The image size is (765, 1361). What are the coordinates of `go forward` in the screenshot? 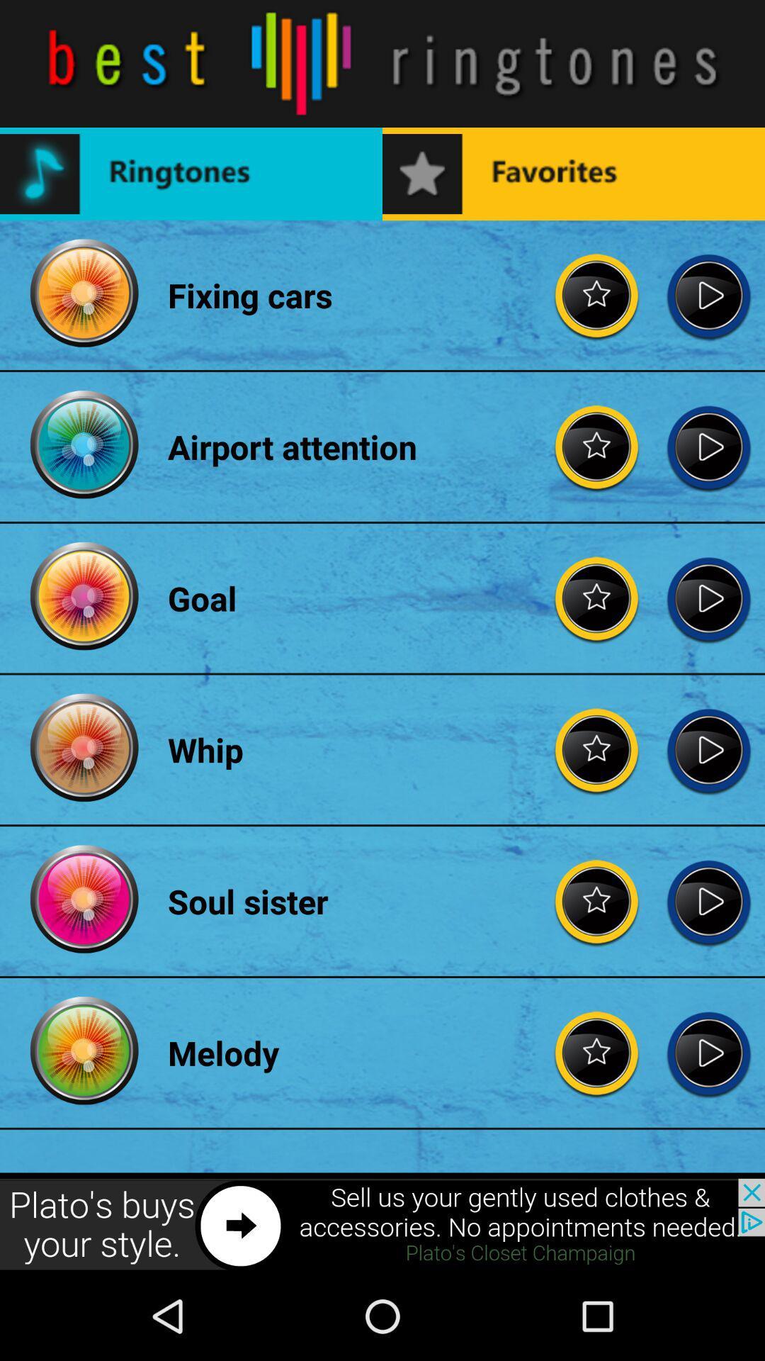 It's located at (708, 900).